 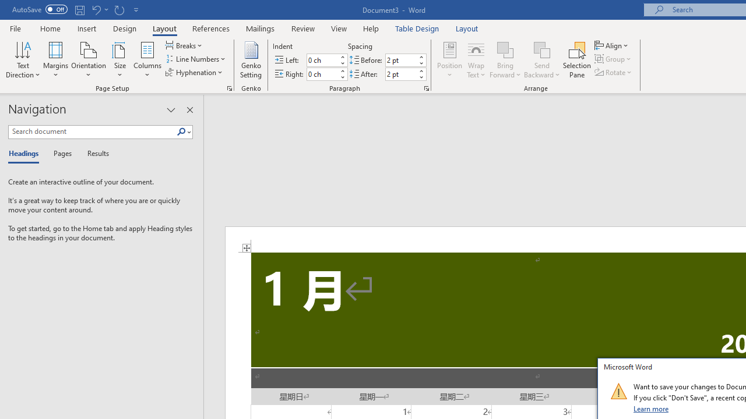 What do you see at coordinates (211, 28) in the screenshot?
I see `'References'` at bounding box center [211, 28].